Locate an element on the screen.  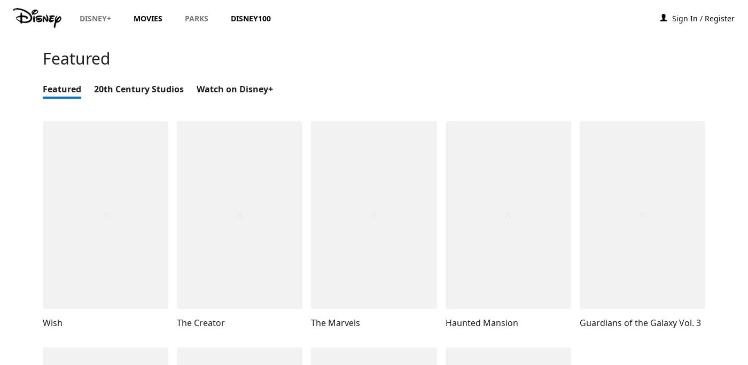
'DISNEY100' is located at coordinates (231, 18).